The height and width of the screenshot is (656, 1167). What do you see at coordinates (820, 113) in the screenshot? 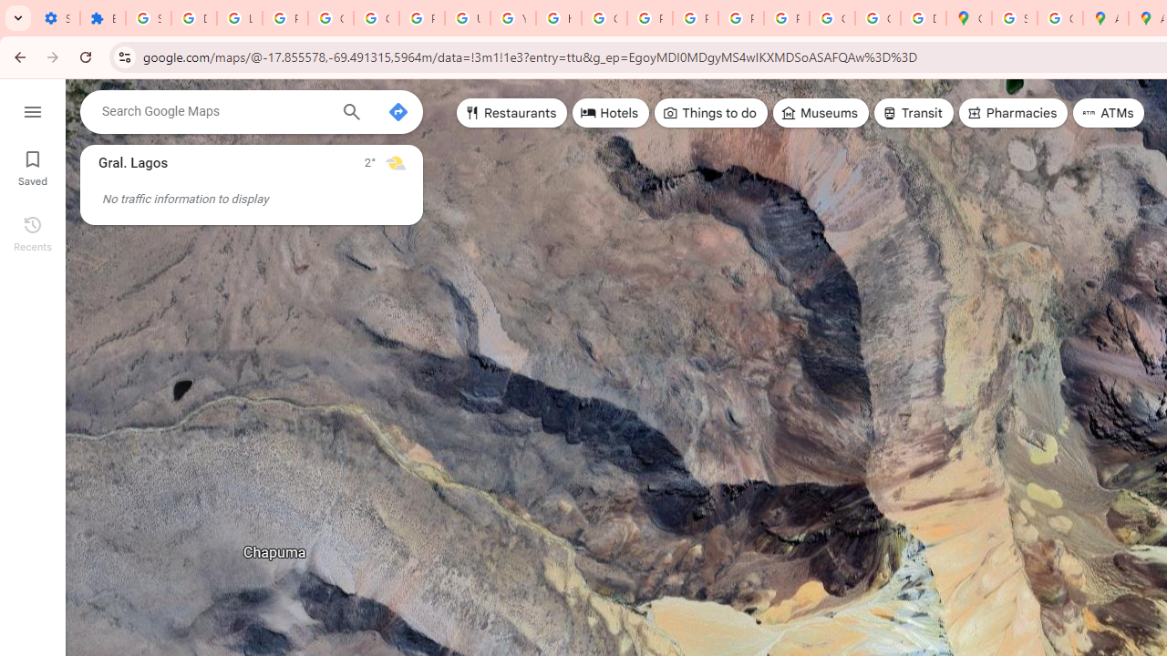
I see `'Museums'` at bounding box center [820, 113].